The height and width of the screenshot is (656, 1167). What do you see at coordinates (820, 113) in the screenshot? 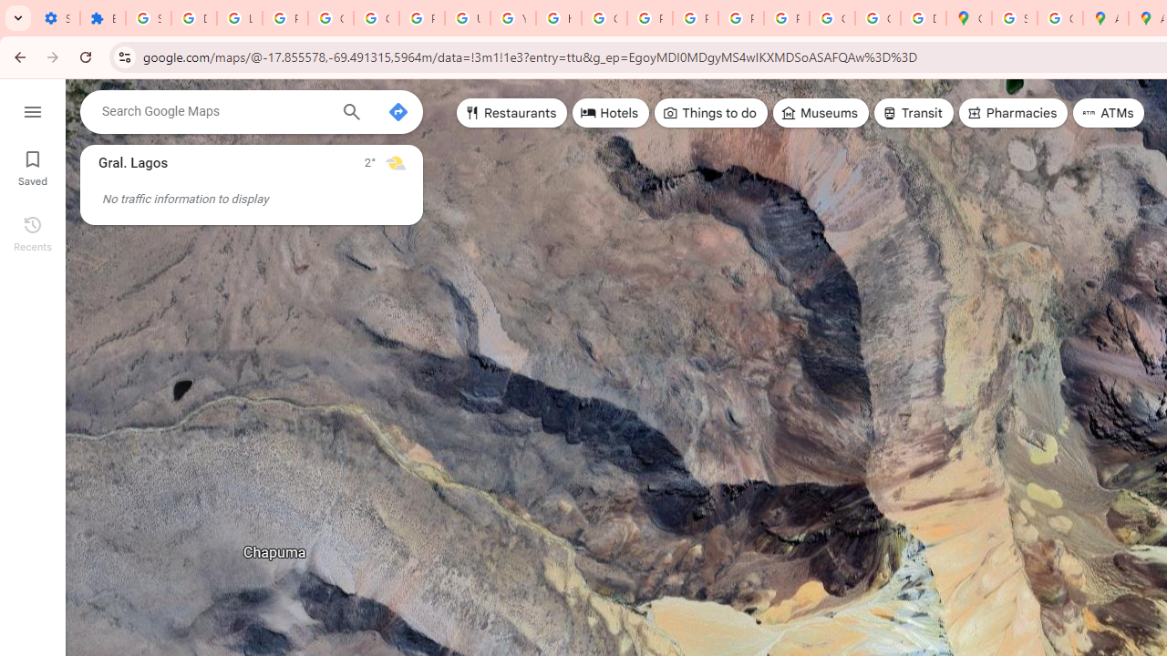
I see `'Museums'` at bounding box center [820, 113].